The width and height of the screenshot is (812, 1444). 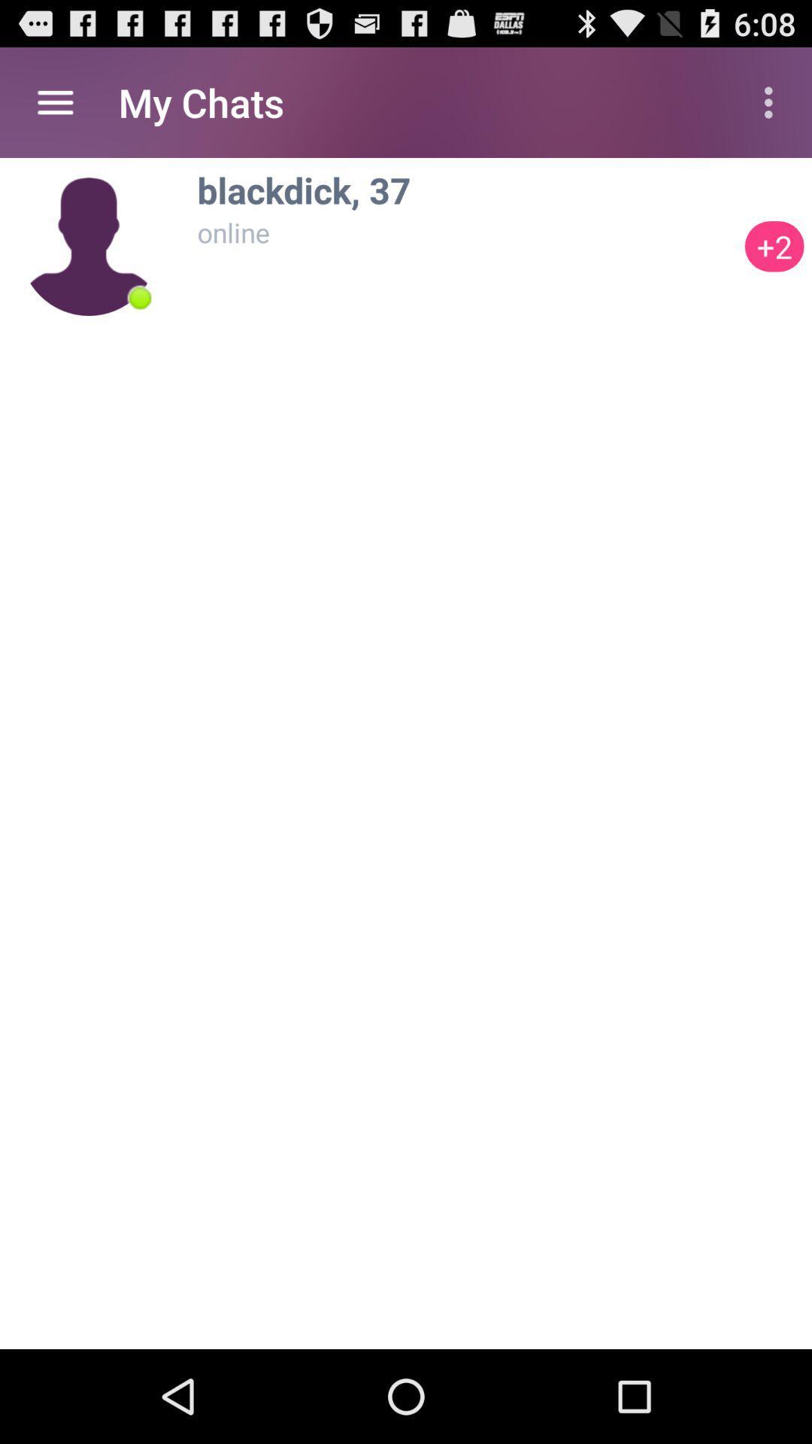 I want to click on item above the online icon, so click(x=466, y=189).